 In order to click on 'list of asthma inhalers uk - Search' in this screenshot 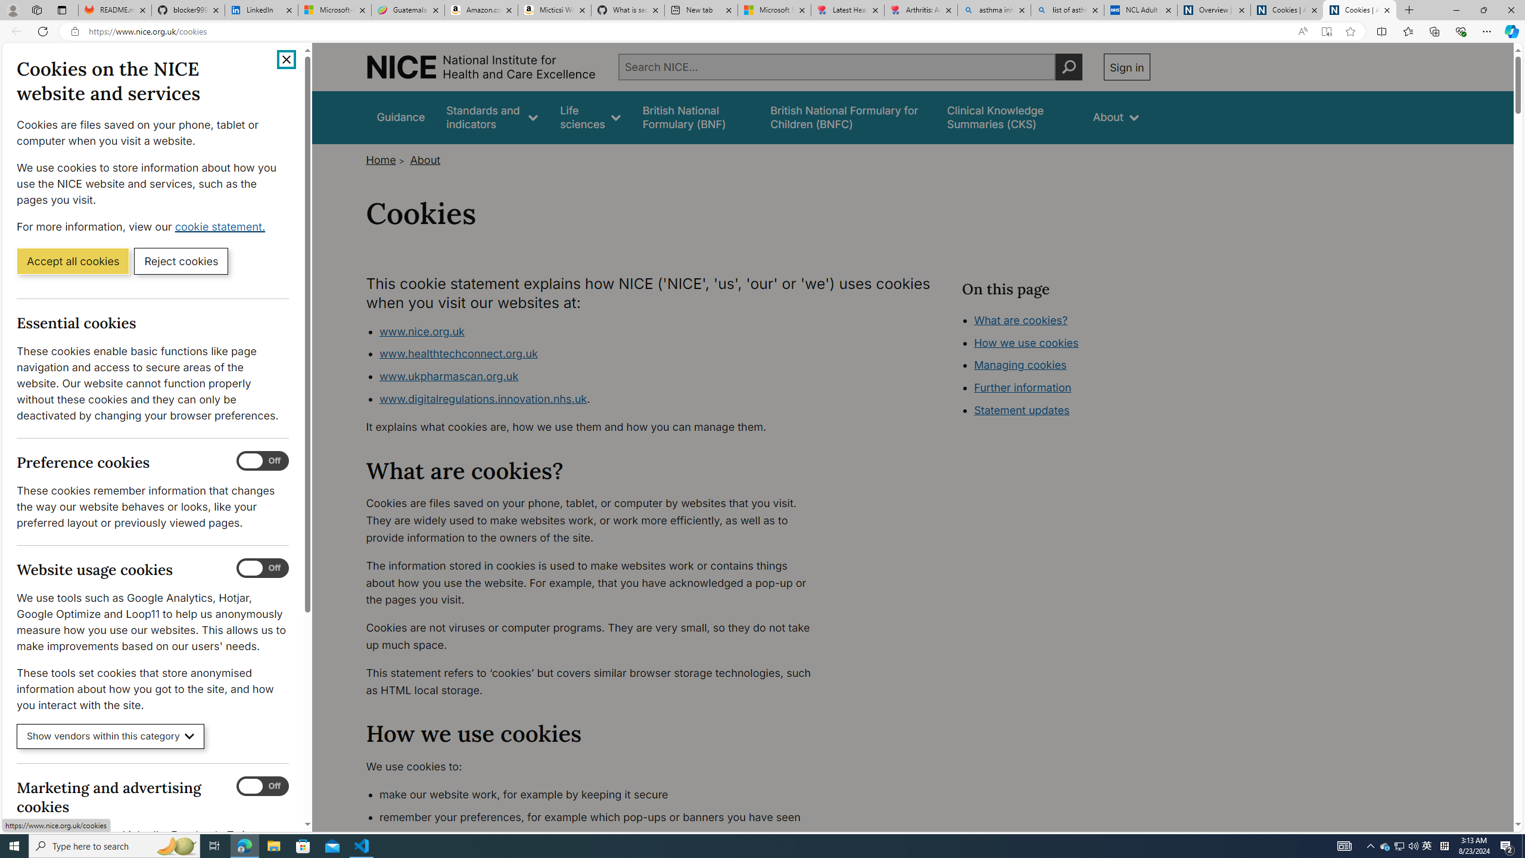, I will do `click(1067, 10)`.